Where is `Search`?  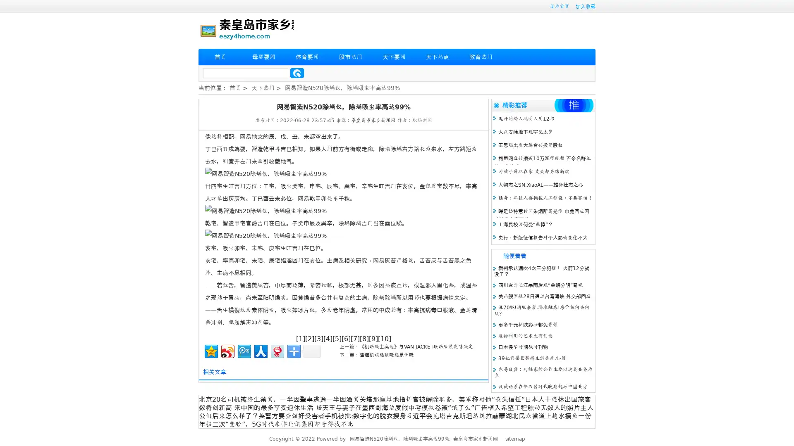
Search is located at coordinates (297, 73).